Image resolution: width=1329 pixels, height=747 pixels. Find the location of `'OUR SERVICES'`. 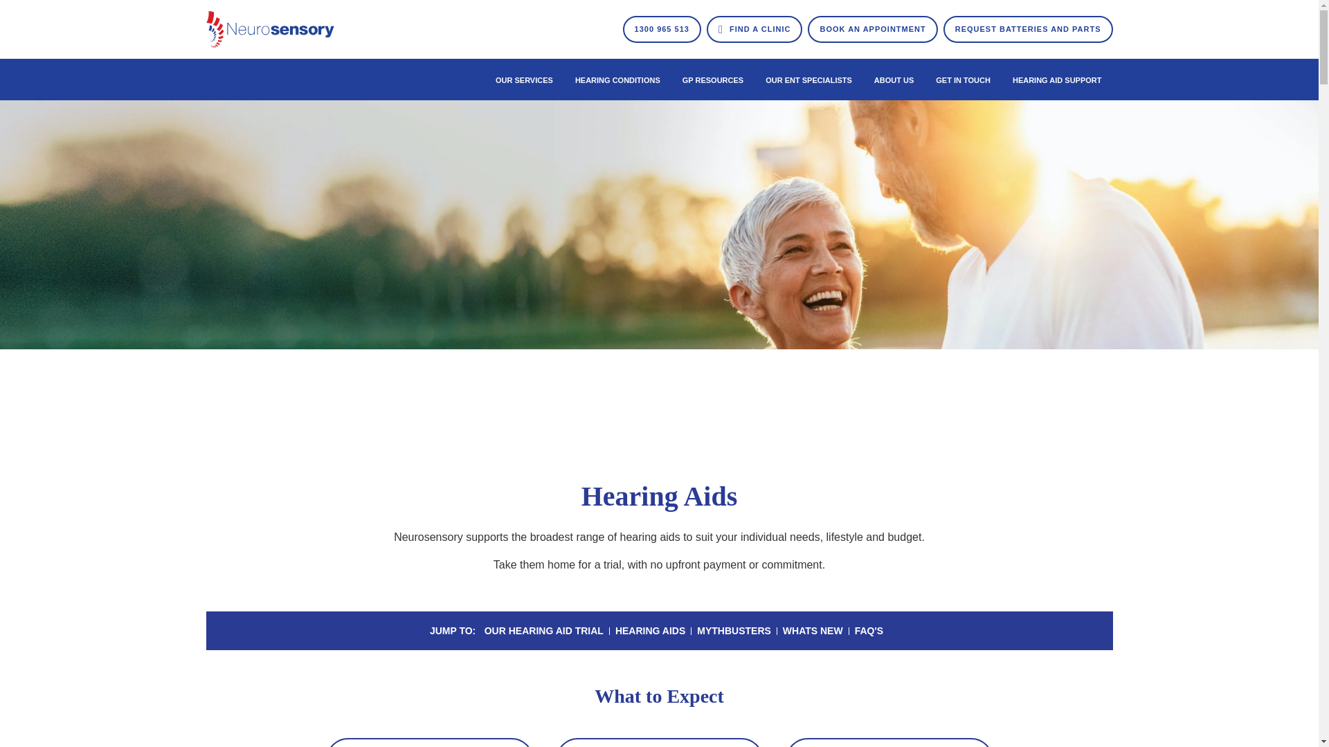

'OUR SERVICES' is located at coordinates (523, 80).